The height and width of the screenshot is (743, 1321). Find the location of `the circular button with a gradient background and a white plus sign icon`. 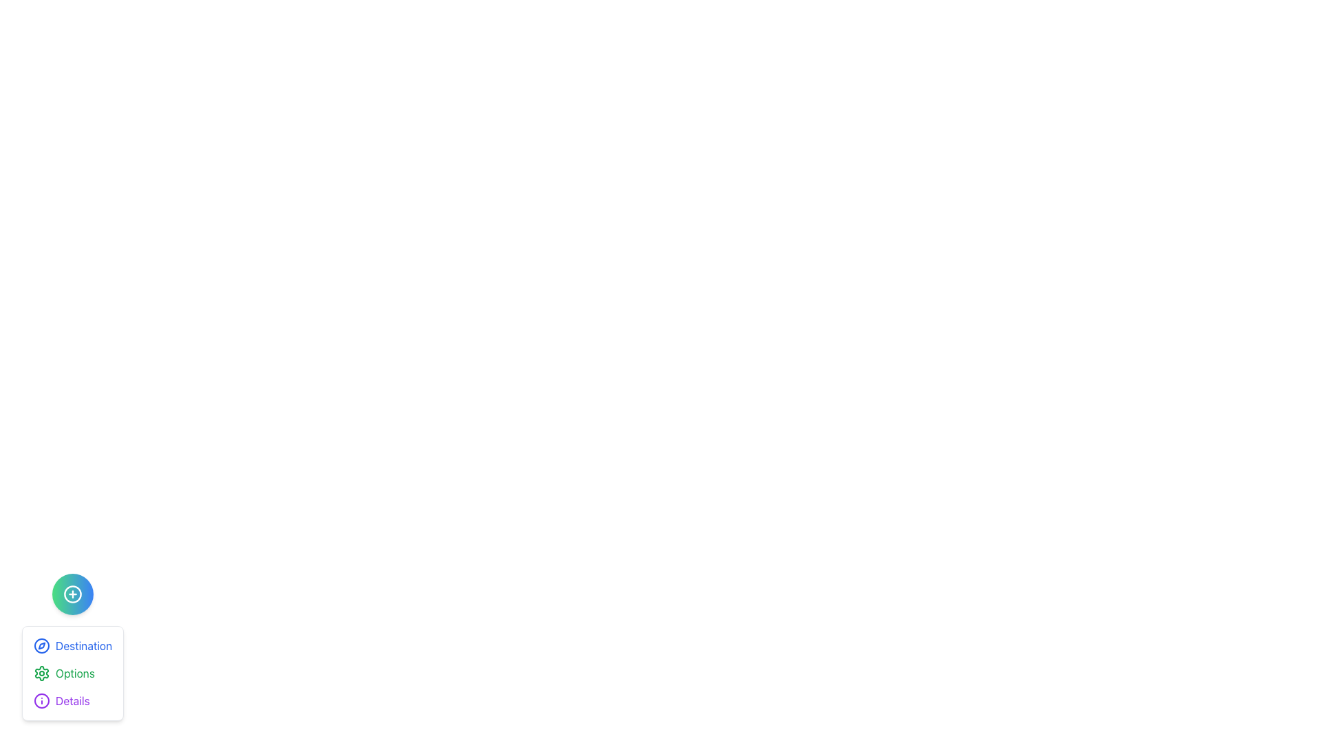

the circular button with a gradient background and a white plus sign icon is located at coordinates (72, 594).